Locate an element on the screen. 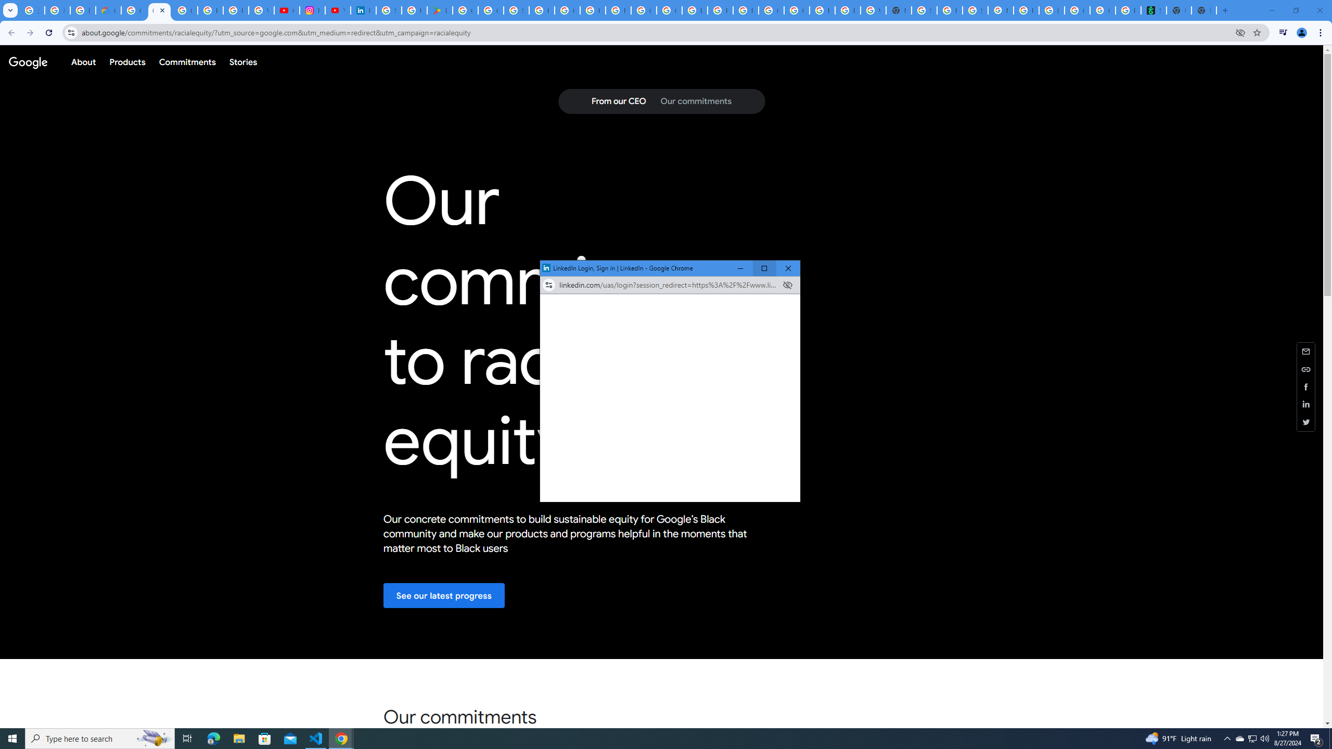  'Stories' is located at coordinates (242, 61).